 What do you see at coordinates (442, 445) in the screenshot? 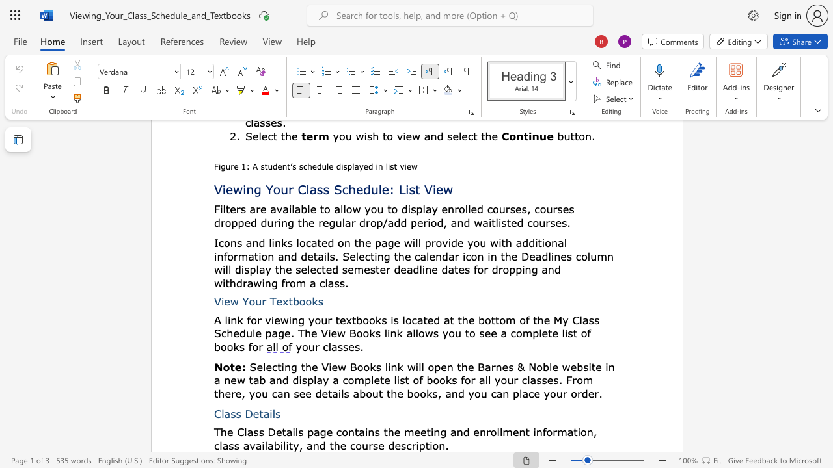
I see `the 8th character "n" in the text` at bounding box center [442, 445].